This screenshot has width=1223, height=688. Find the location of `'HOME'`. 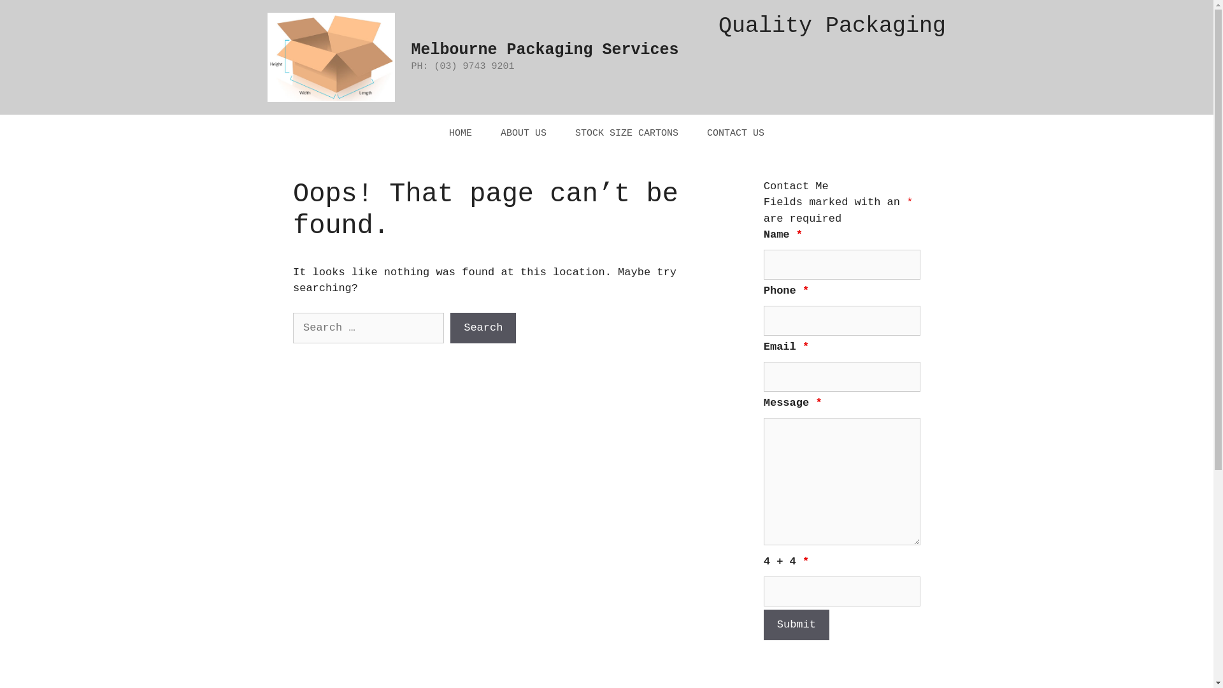

'HOME' is located at coordinates (460, 133).